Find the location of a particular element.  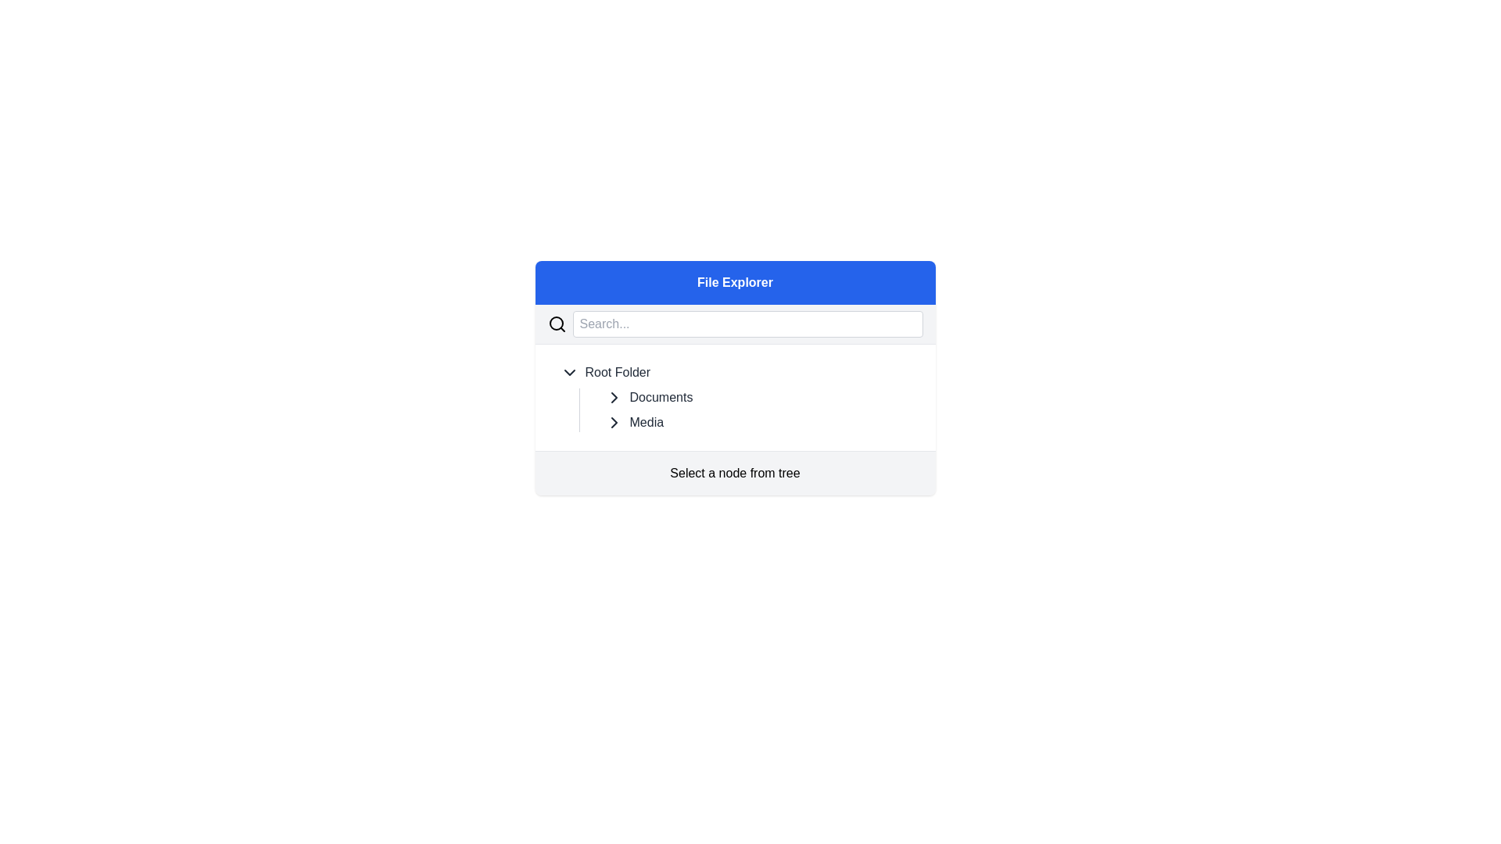

the Navigation Tree in the File Explorer section is located at coordinates (734, 377).